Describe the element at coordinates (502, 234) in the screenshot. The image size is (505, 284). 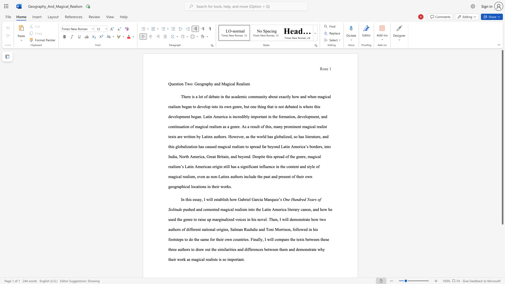
I see `the scrollbar on the right to shift the page lower` at that location.